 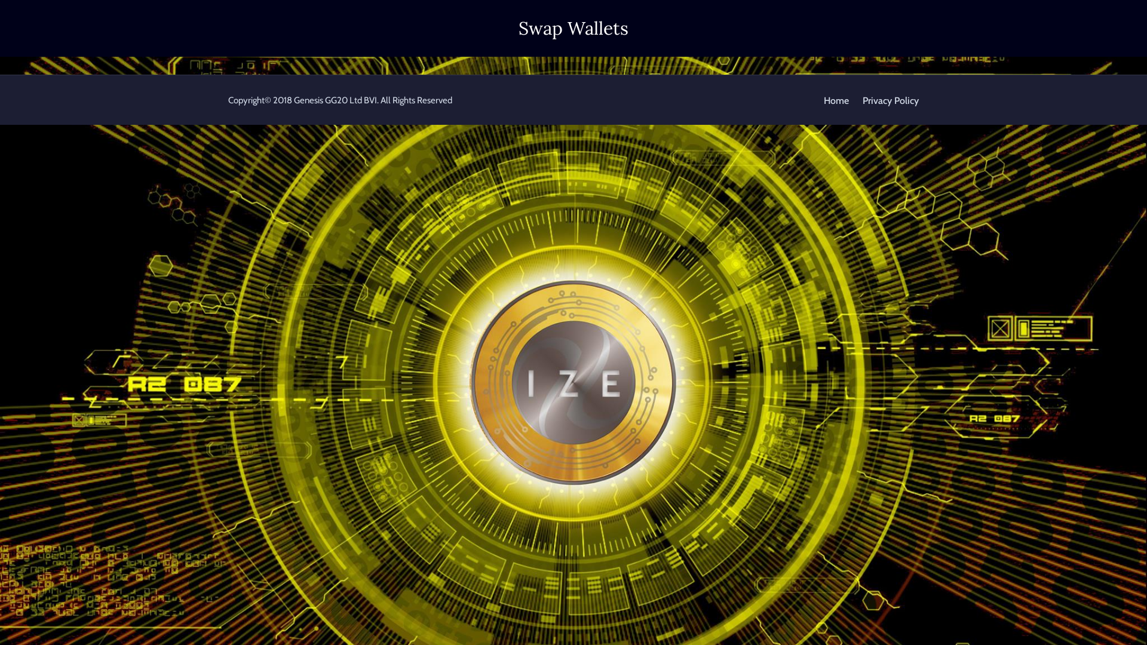 I want to click on 'Privacy Policy', so click(x=891, y=100).